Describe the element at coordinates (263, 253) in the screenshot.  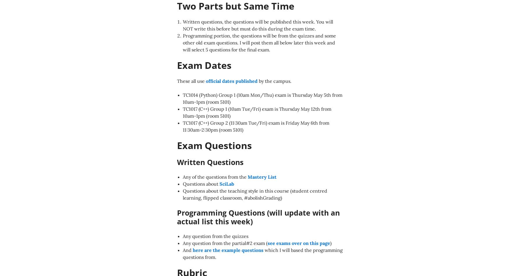
I see `'which I will based the programming questions from.'` at that location.